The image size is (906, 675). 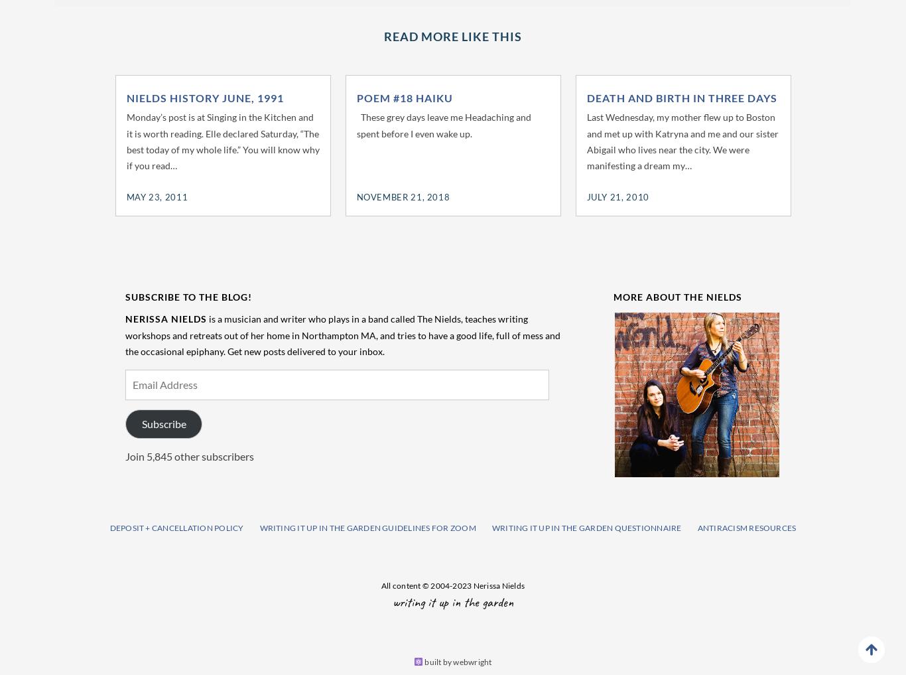 I want to click on 'Poem #18 Haiku', so click(x=403, y=96).